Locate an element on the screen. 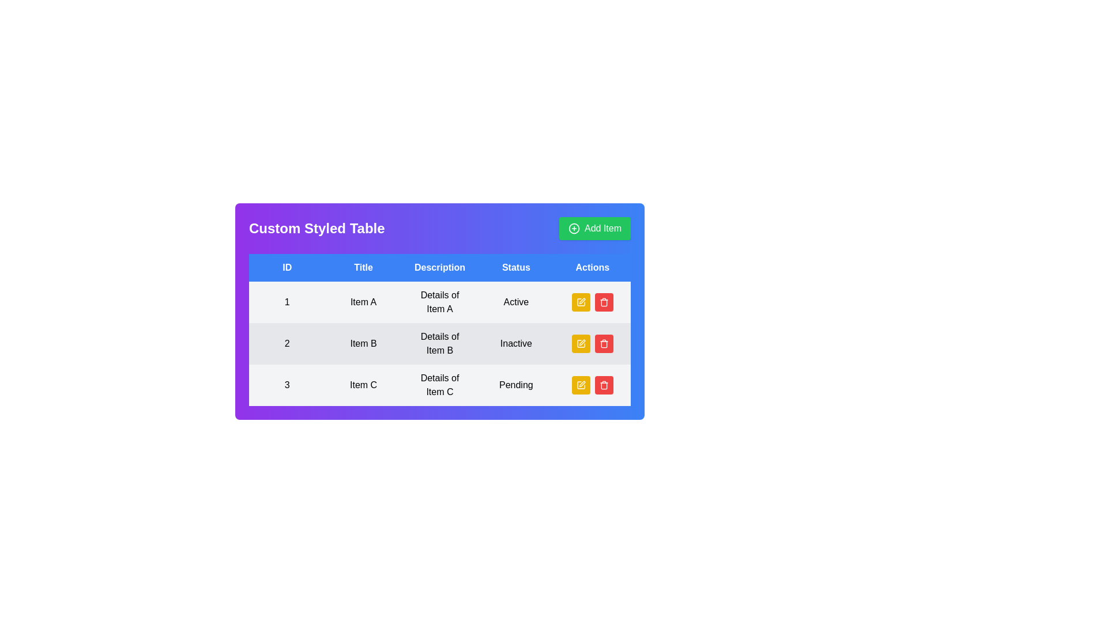 The height and width of the screenshot is (622, 1107). the 'Status' column header in the table, which is the fourth column header, located centrally in the header row is located at coordinates (515, 268).